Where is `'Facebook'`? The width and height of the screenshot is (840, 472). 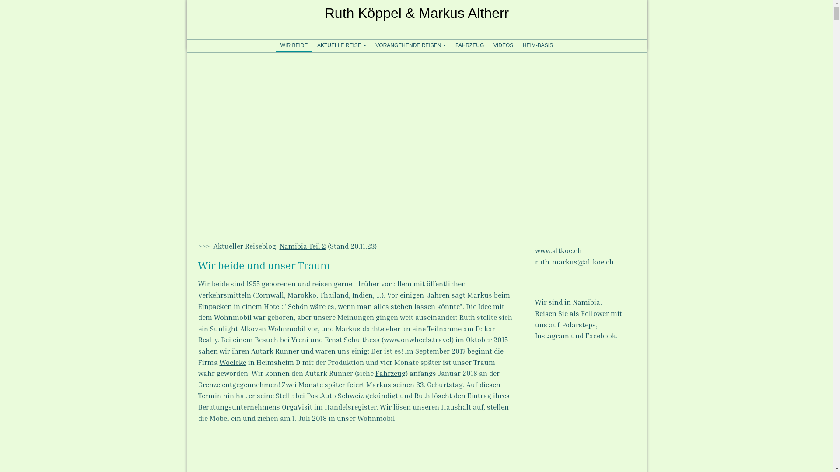
'Facebook' is located at coordinates (600, 335).